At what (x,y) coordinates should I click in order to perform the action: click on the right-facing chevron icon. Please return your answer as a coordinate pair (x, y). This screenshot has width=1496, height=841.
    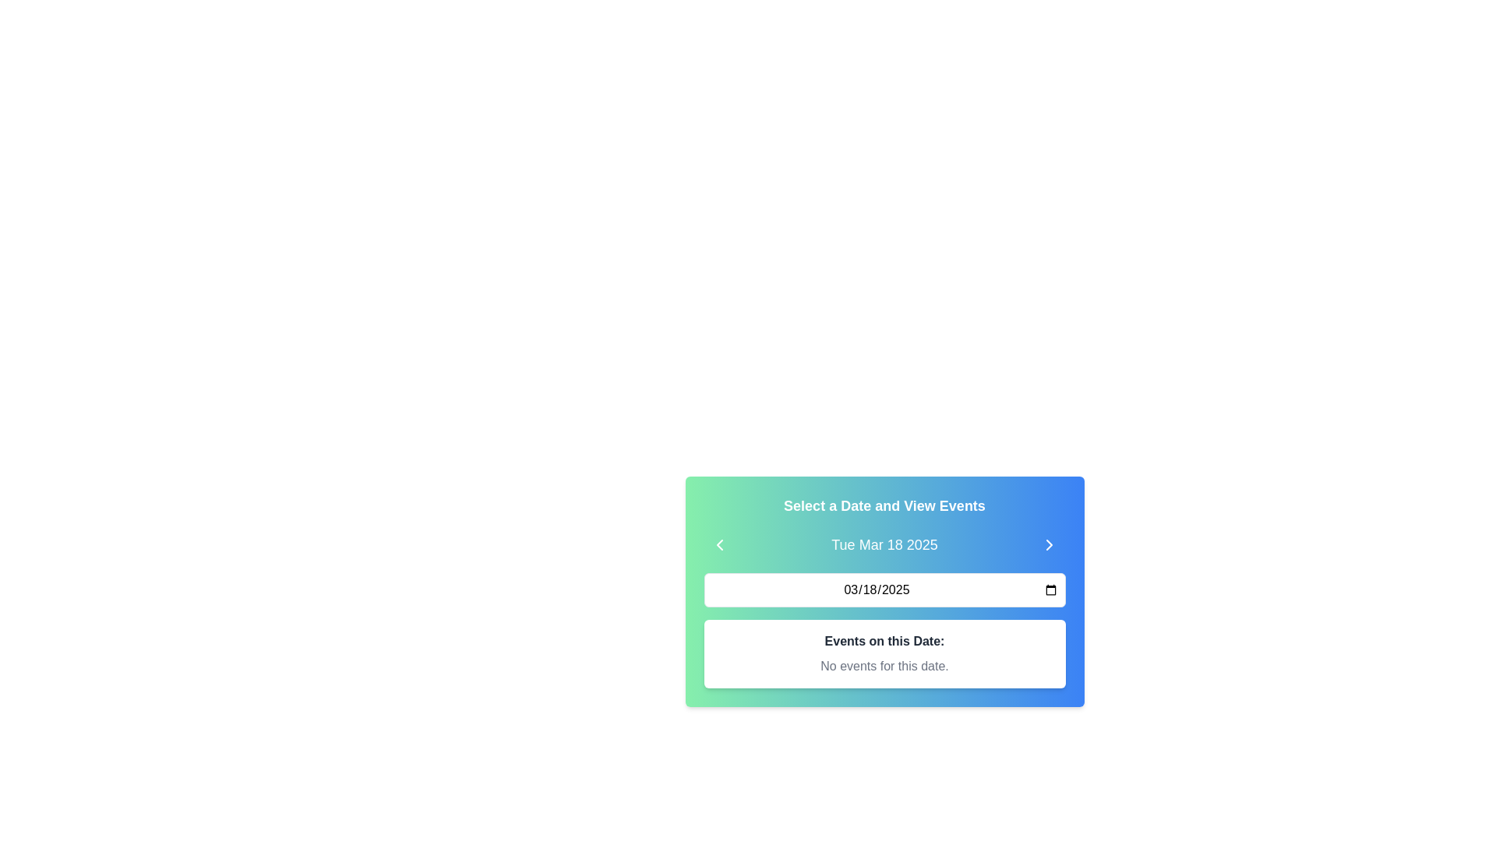
    Looking at the image, I should click on (1050, 544).